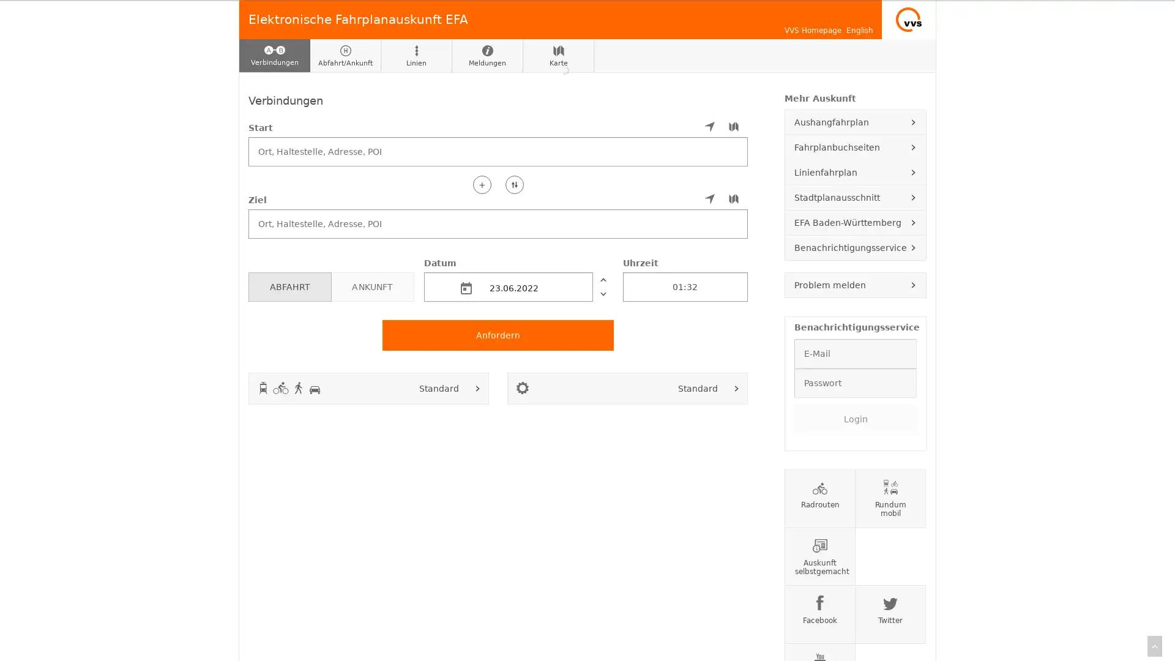  I want to click on ABFAHRT, so click(289, 286).